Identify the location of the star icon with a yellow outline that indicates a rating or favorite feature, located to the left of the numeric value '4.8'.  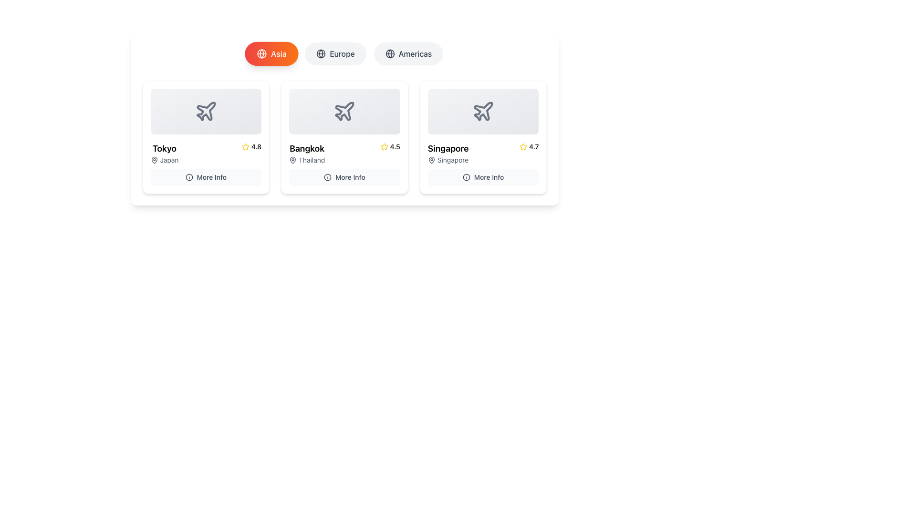
(245, 147).